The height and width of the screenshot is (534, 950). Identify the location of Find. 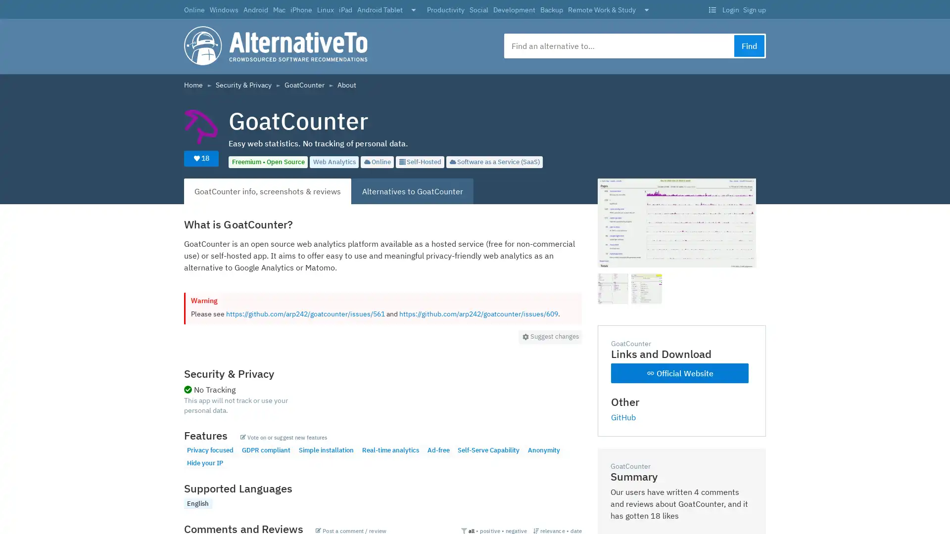
(749, 45).